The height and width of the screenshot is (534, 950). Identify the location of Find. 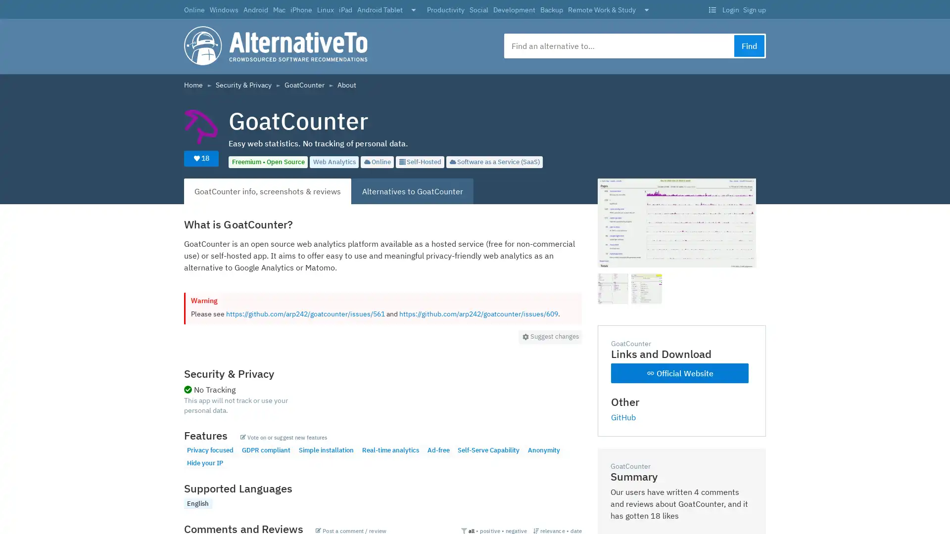
(749, 45).